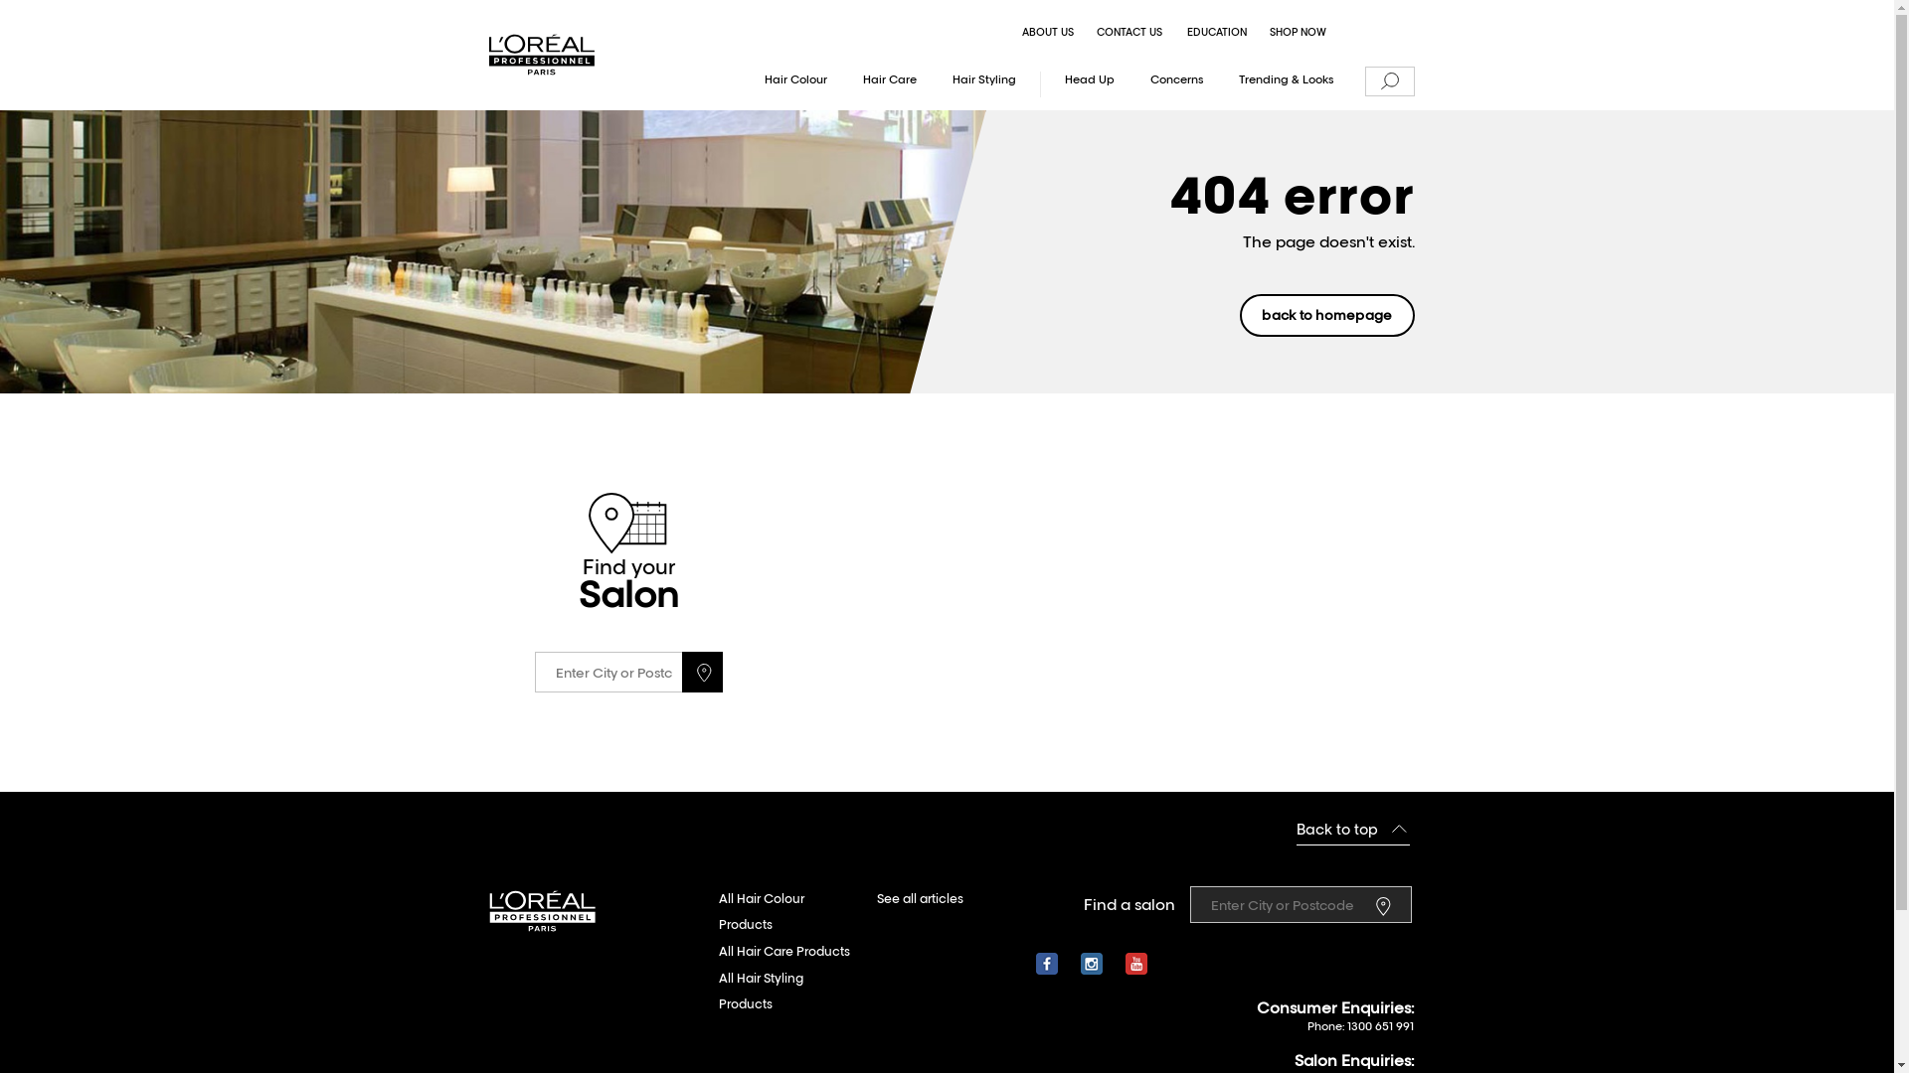 This screenshot has height=1073, width=1909. Describe the element at coordinates (1387, 81) in the screenshot. I see `'Search'` at that location.